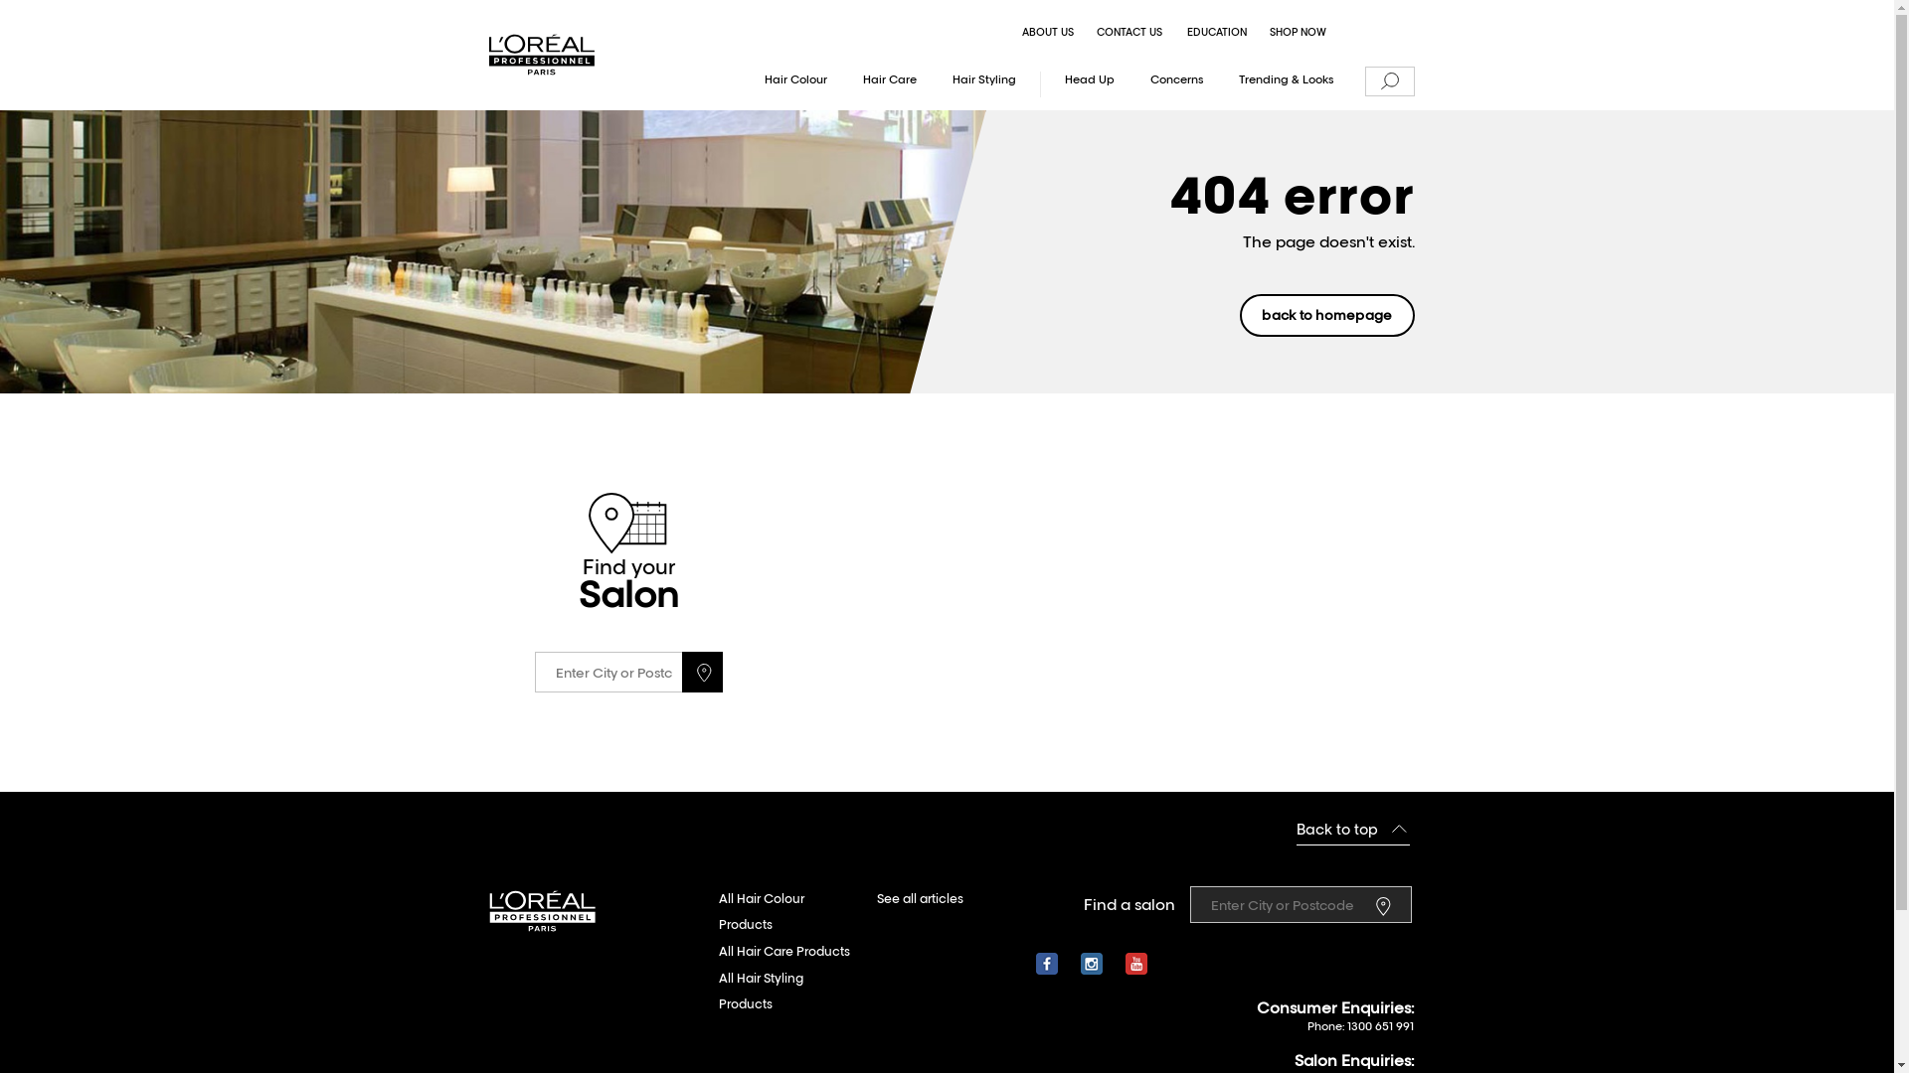 This screenshot has height=1073, width=1909. Describe the element at coordinates (1387, 81) in the screenshot. I see `'Search'` at that location.